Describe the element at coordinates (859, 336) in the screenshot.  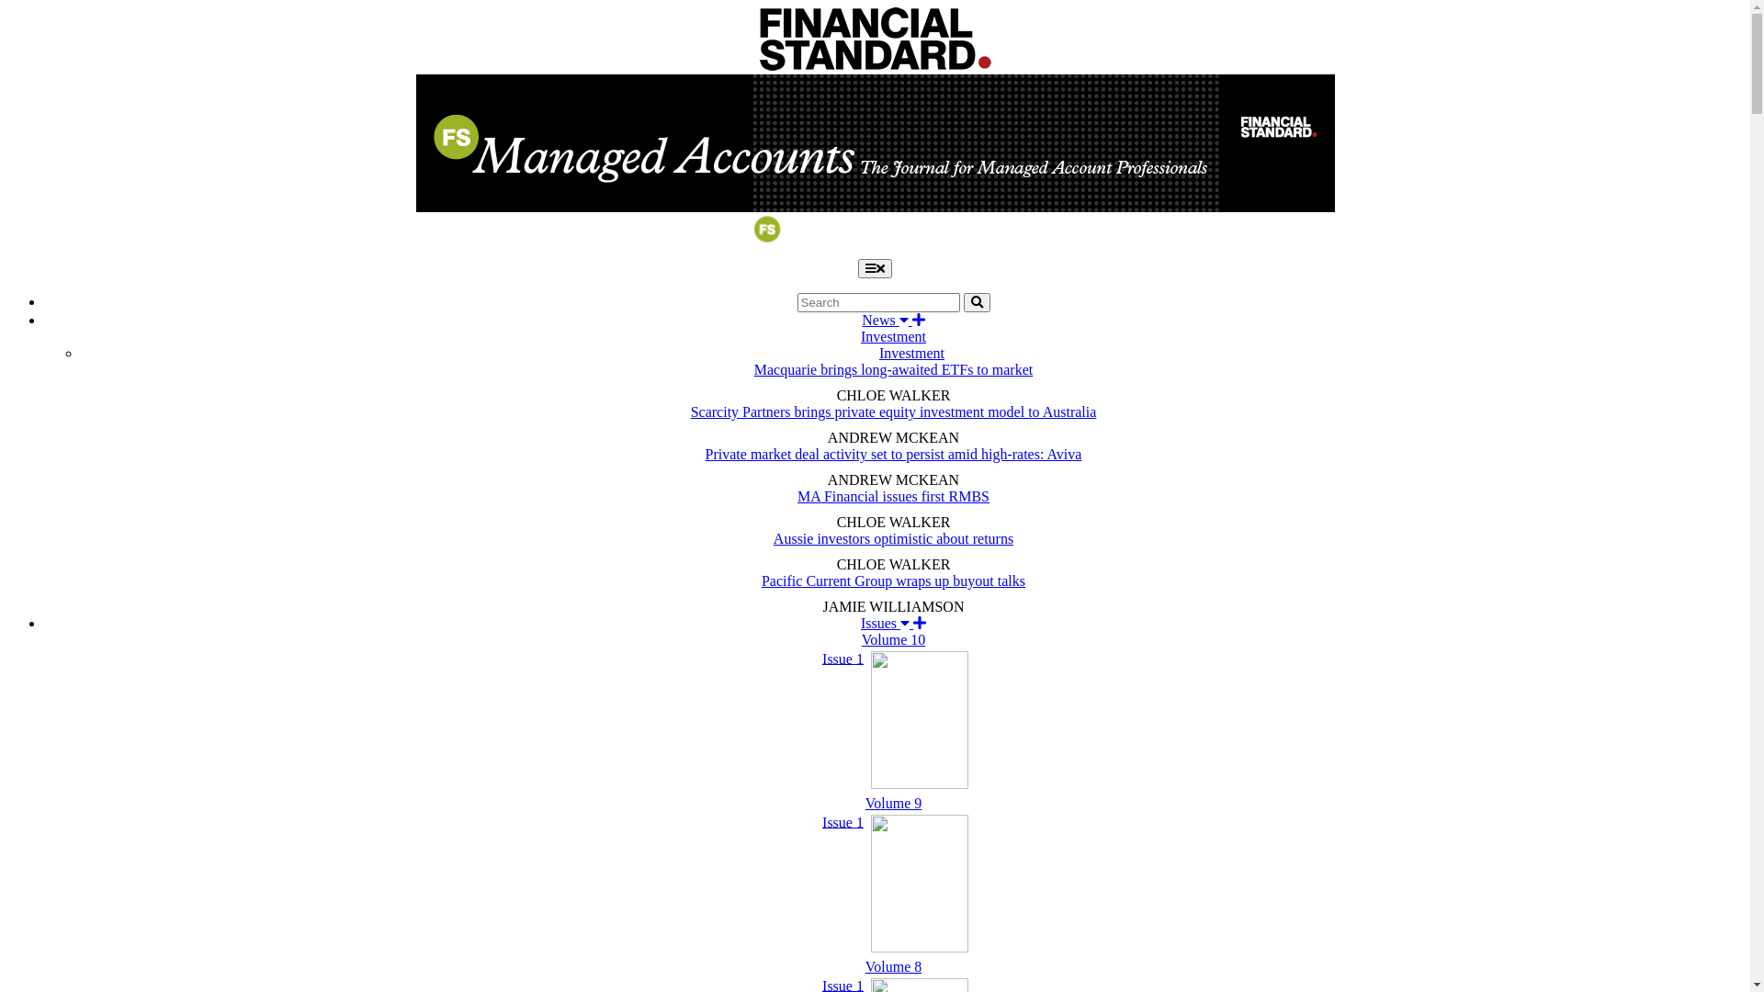
I see `'Investment'` at that location.